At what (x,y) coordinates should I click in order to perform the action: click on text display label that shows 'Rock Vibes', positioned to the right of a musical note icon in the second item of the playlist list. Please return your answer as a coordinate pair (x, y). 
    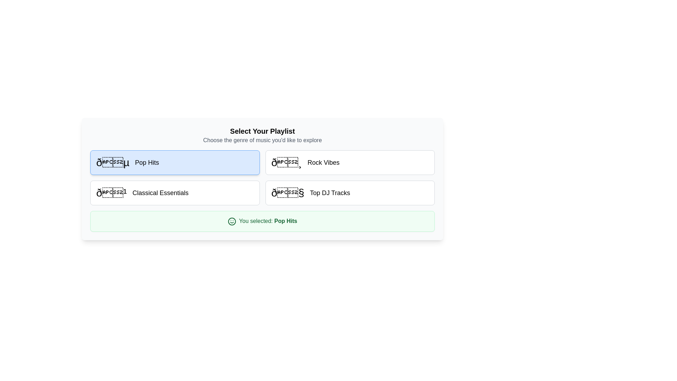
    Looking at the image, I should click on (323, 163).